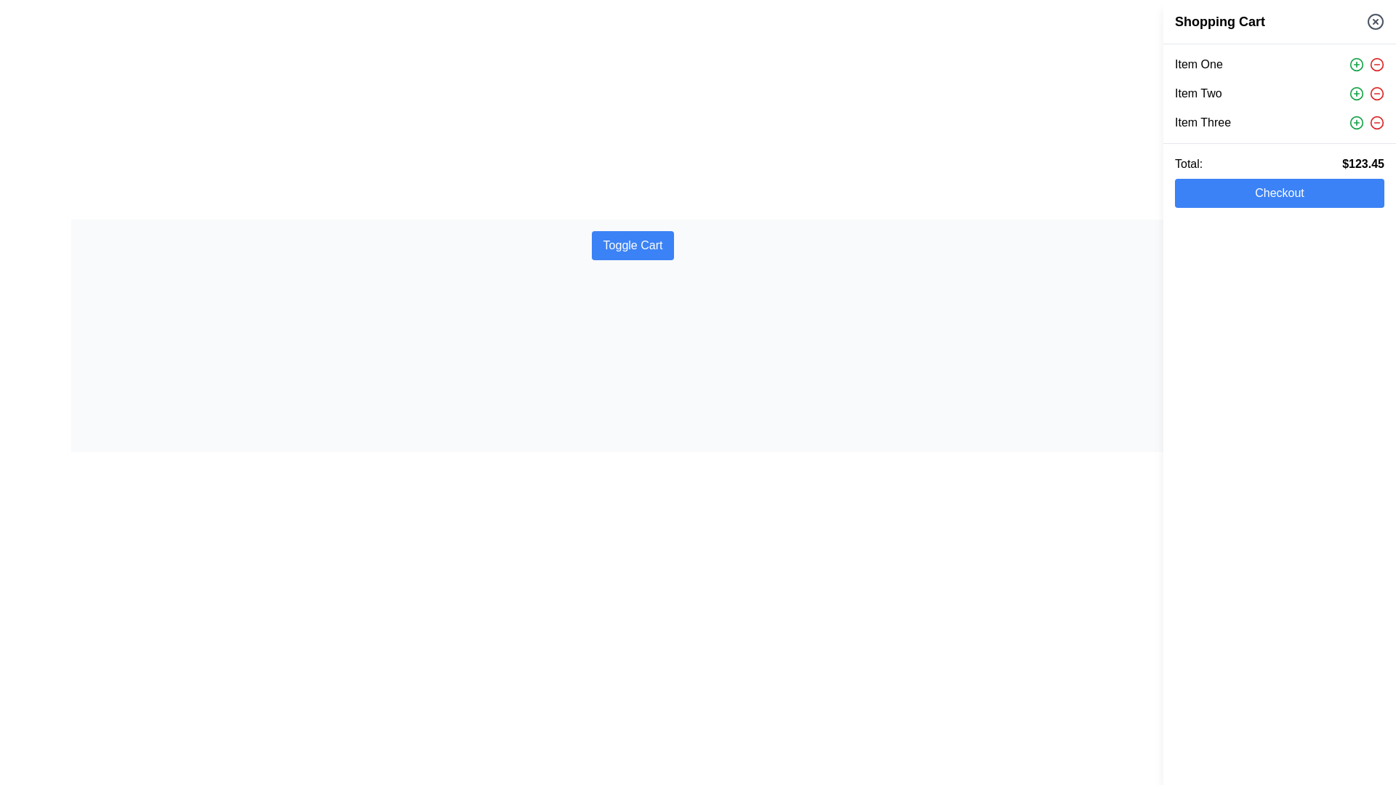 The height and width of the screenshot is (785, 1396). Describe the element at coordinates (1376, 63) in the screenshot. I see `the circular minus button located in the shopping cart interface corresponding to 'Item One'` at that location.